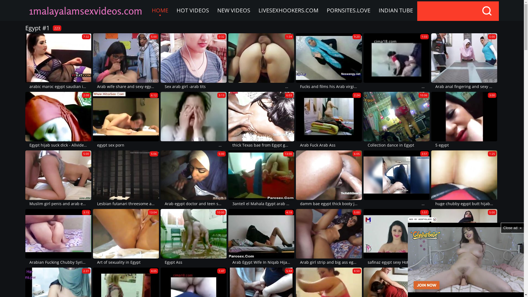 This screenshot has width=528, height=297. Describe the element at coordinates (329, 62) in the screenshot. I see `'9:20` at that location.